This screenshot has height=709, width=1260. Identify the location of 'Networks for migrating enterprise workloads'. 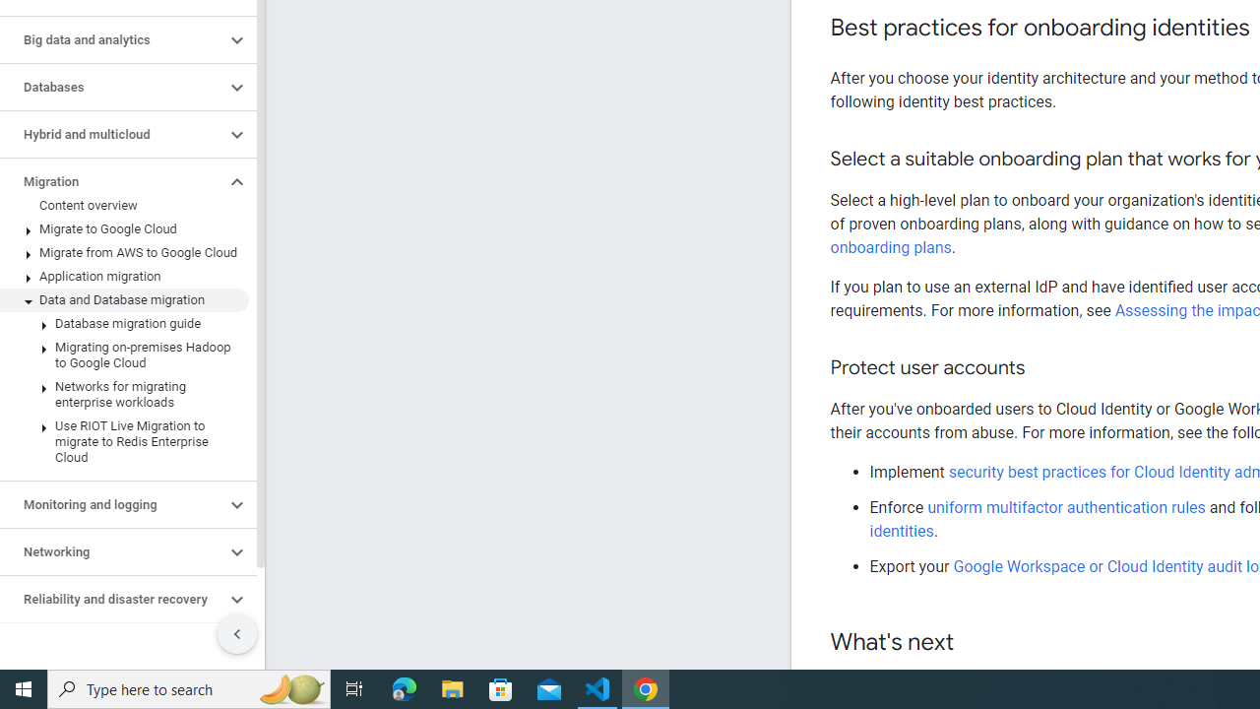
(123, 395).